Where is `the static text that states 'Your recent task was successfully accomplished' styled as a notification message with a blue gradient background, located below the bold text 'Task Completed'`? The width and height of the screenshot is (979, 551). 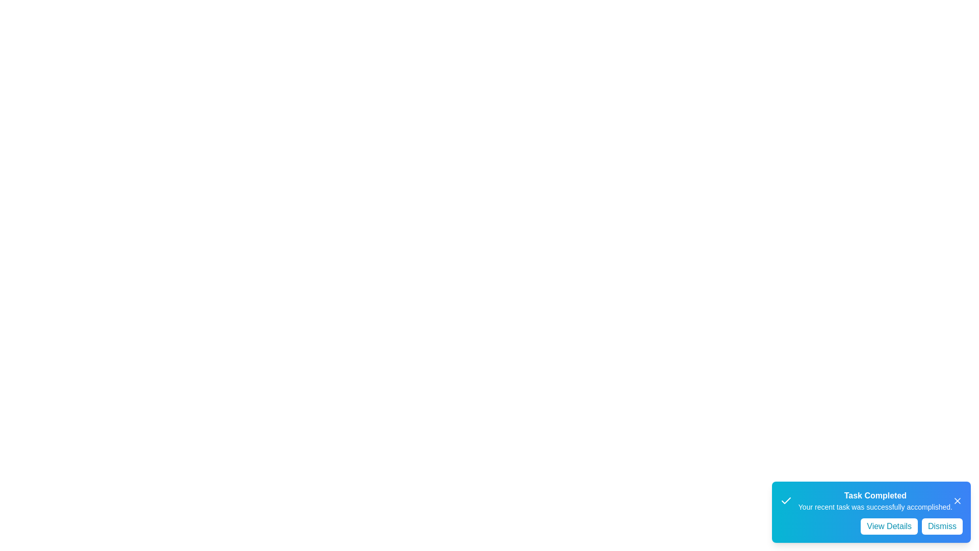
the static text that states 'Your recent task was successfully accomplished' styled as a notification message with a blue gradient background, located below the bold text 'Task Completed' is located at coordinates (874, 507).